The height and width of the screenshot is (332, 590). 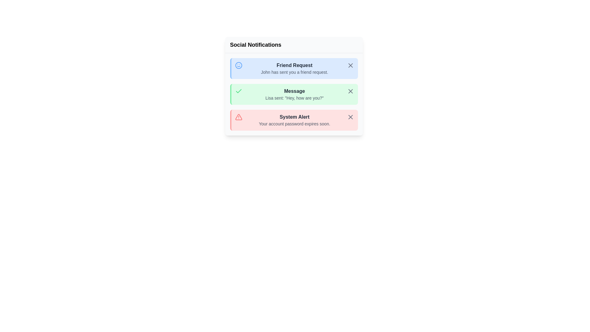 What do you see at coordinates (350, 65) in the screenshot?
I see `the 'Close' button in the top-right corner of the 'Friend Request' notification panel` at bounding box center [350, 65].